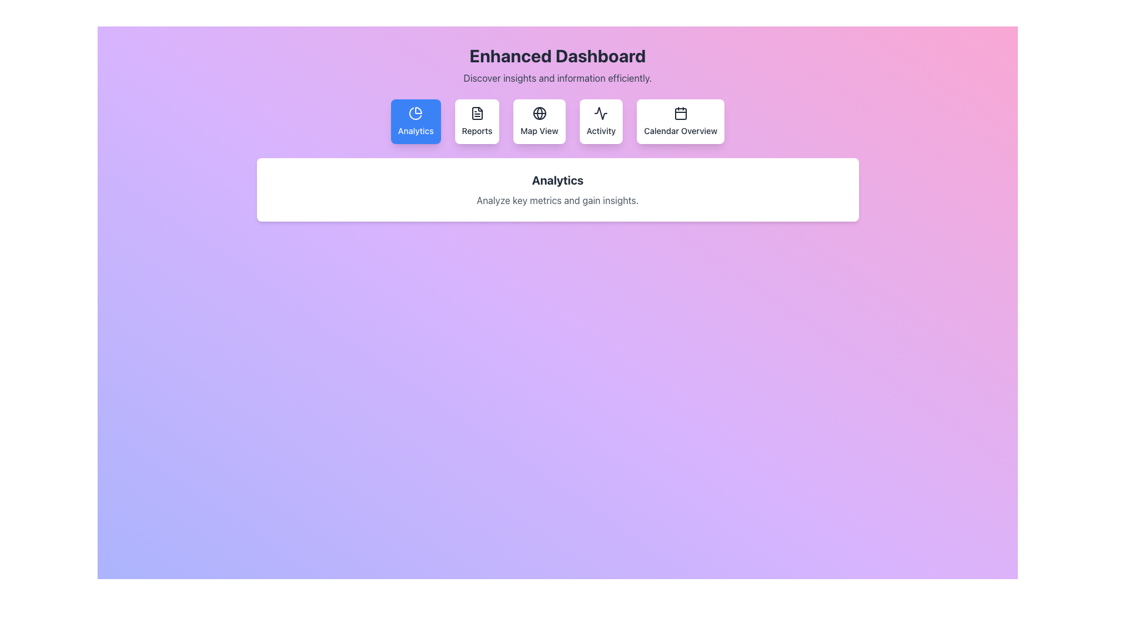  What do you see at coordinates (539, 113) in the screenshot?
I see `the globe icon representing the 'Map View' button, which is located between the 'Reports' and 'Activity' buttons in the top feature selection row` at bounding box center [539, 113].